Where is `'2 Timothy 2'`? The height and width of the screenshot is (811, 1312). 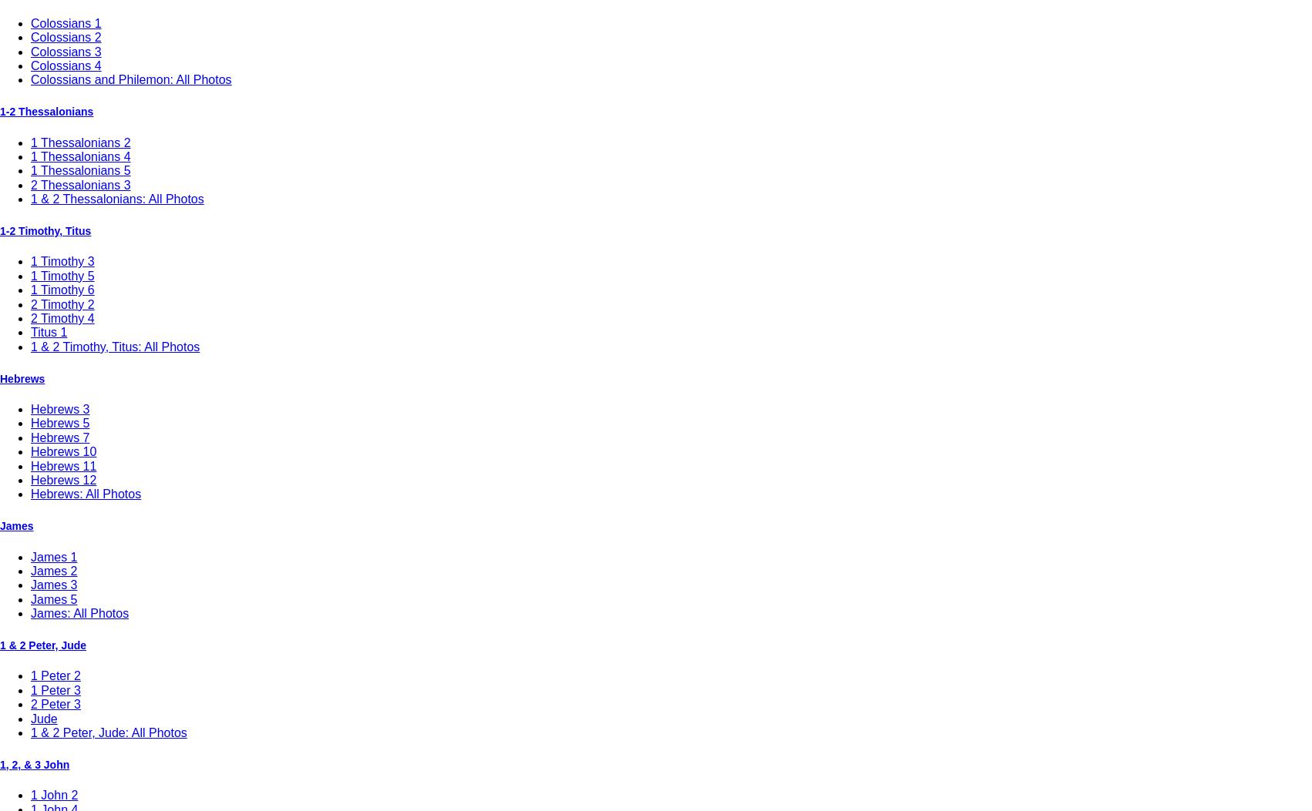 '2 Timothy 2' is located at coordinates (62, 303).